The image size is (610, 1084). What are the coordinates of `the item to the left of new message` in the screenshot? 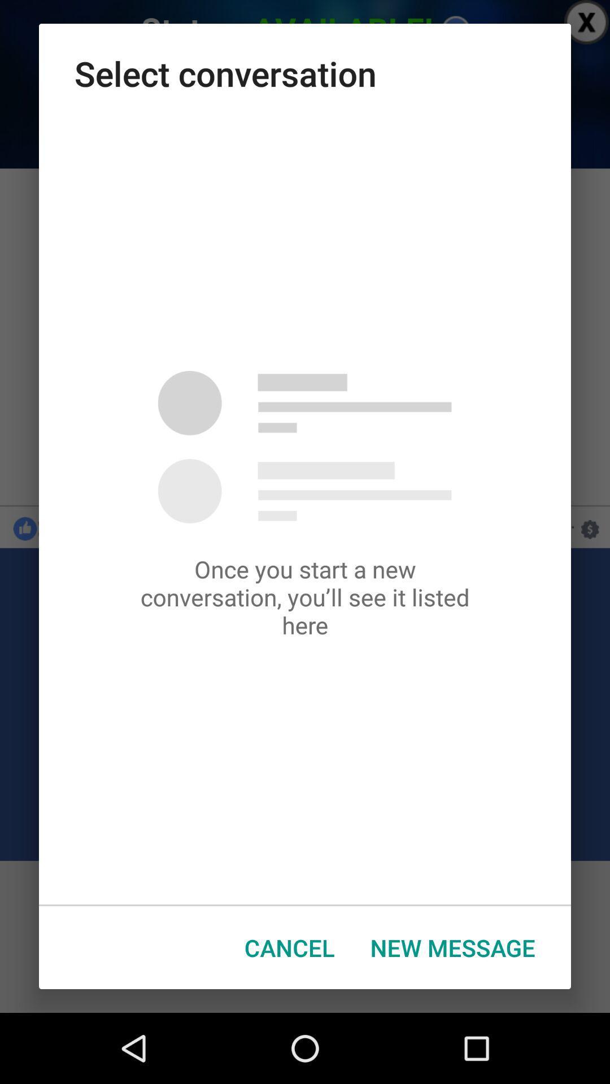 It's located at (289, 947).